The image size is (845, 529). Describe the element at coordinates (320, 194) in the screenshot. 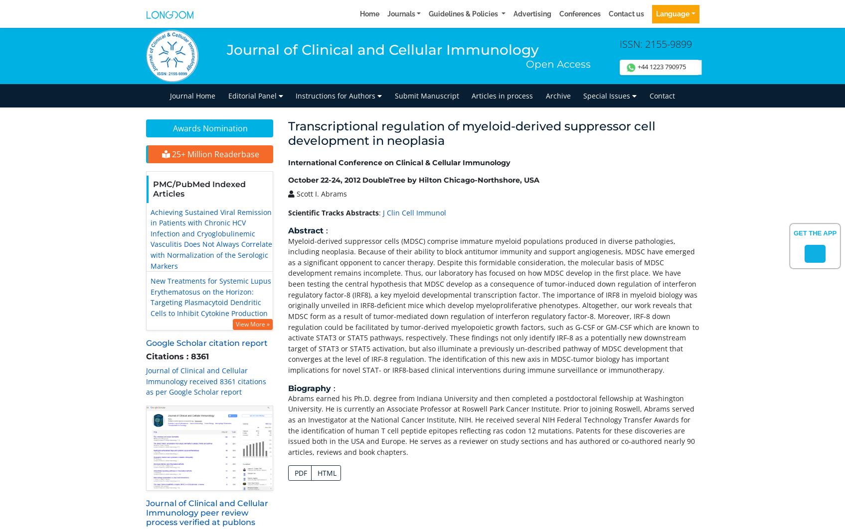

I see `'Scott I. Abrams'` at that location.